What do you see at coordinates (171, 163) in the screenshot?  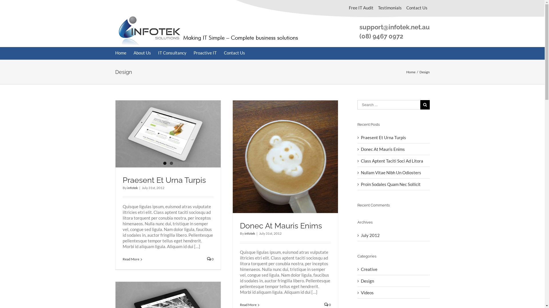 I see `'2'` at bounding box center [171, 163].